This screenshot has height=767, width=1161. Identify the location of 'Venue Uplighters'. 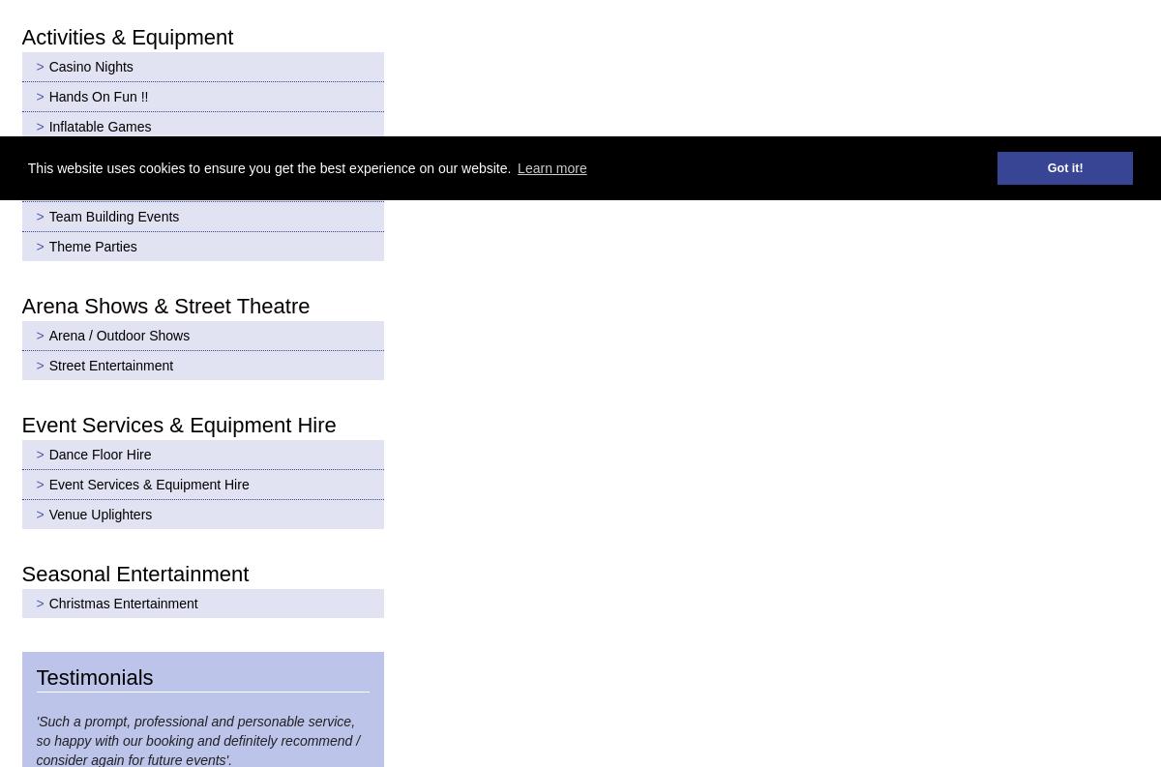
(100, 512).